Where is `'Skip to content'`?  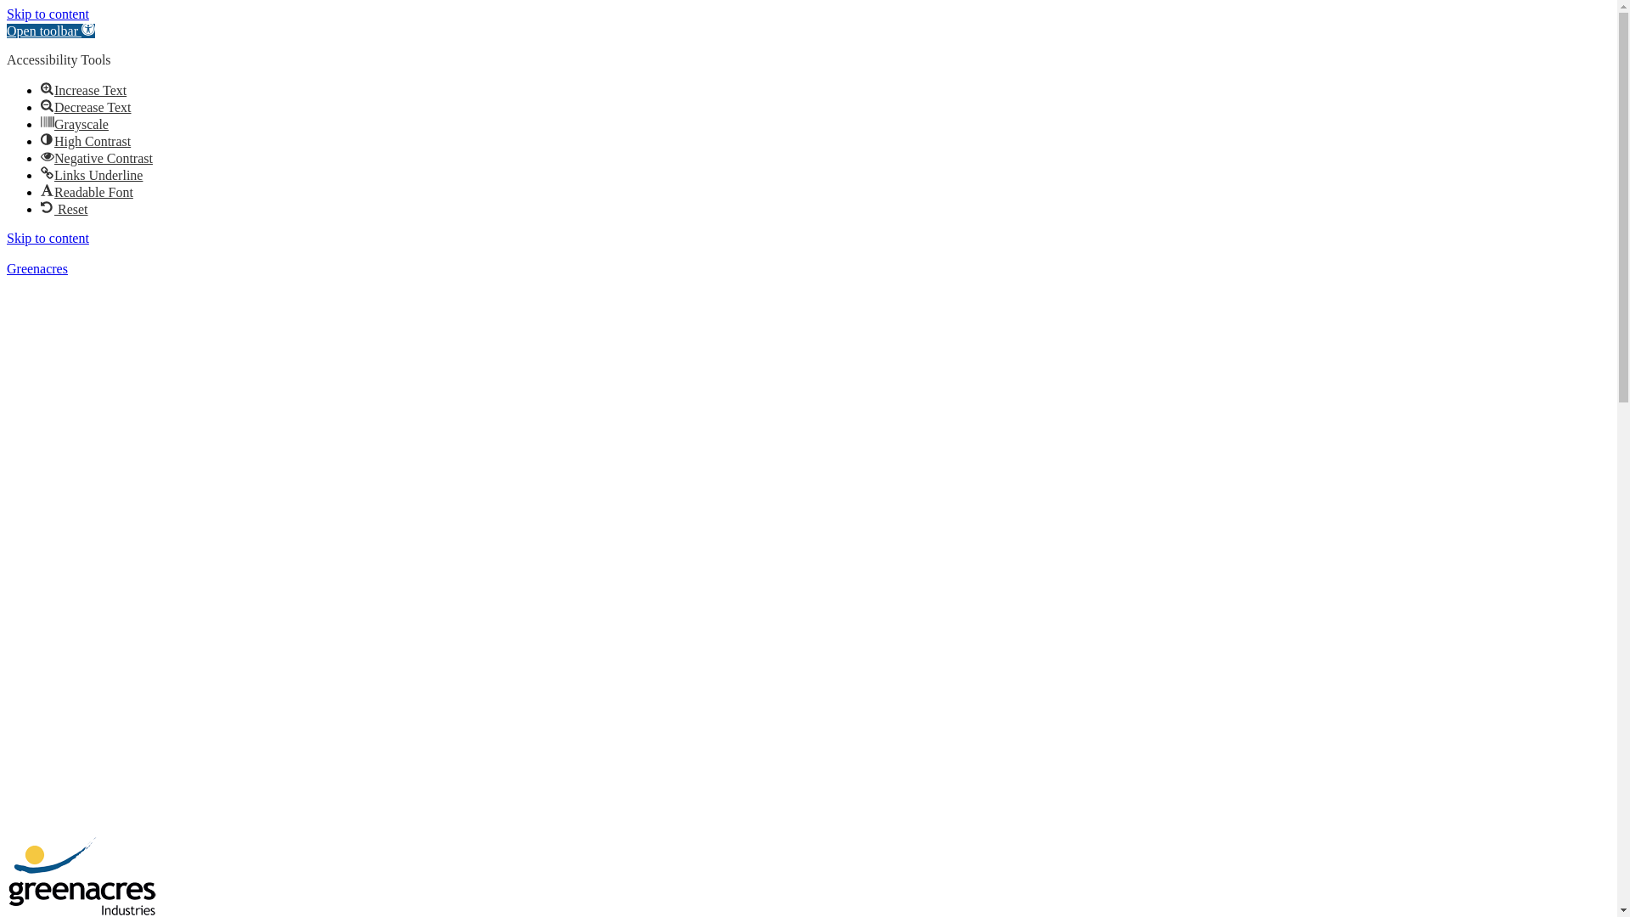 'Skip to content' is located at coordinates (48, 14).